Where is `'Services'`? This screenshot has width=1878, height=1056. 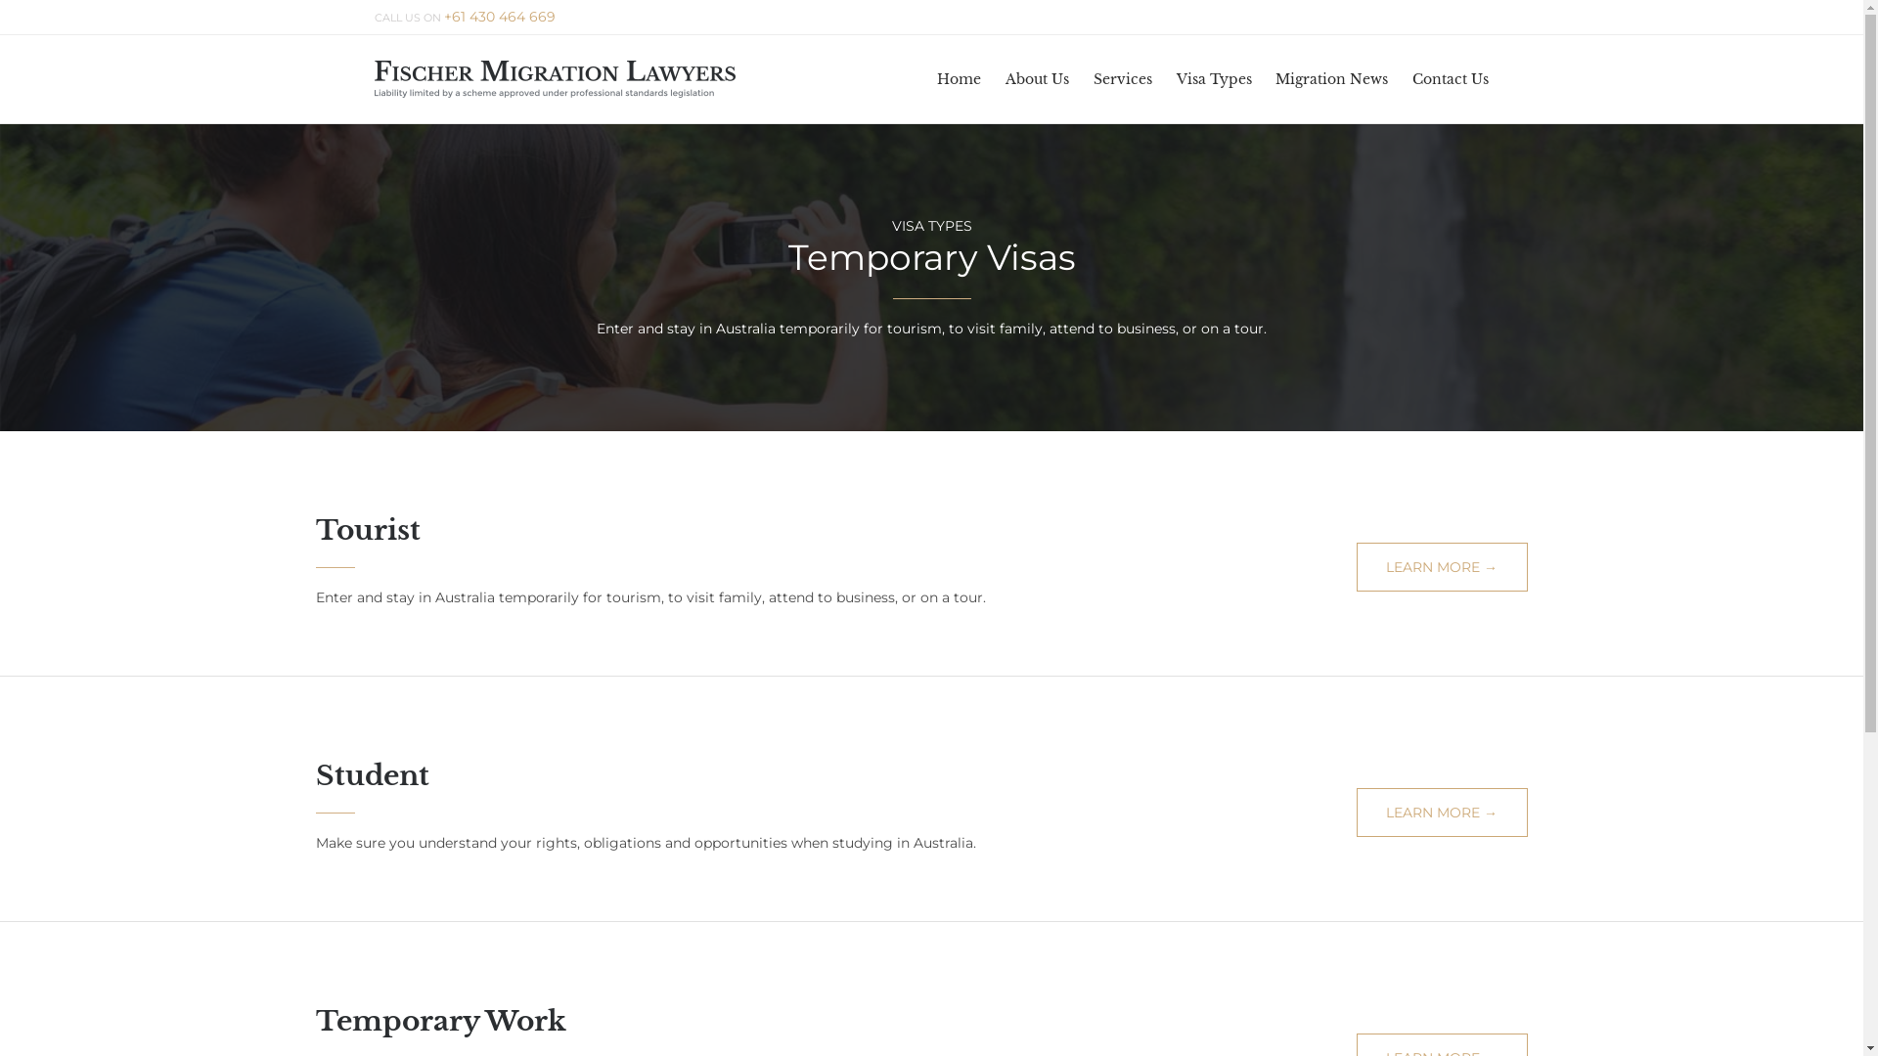 'Services' is located at coordinates (1122, 78).